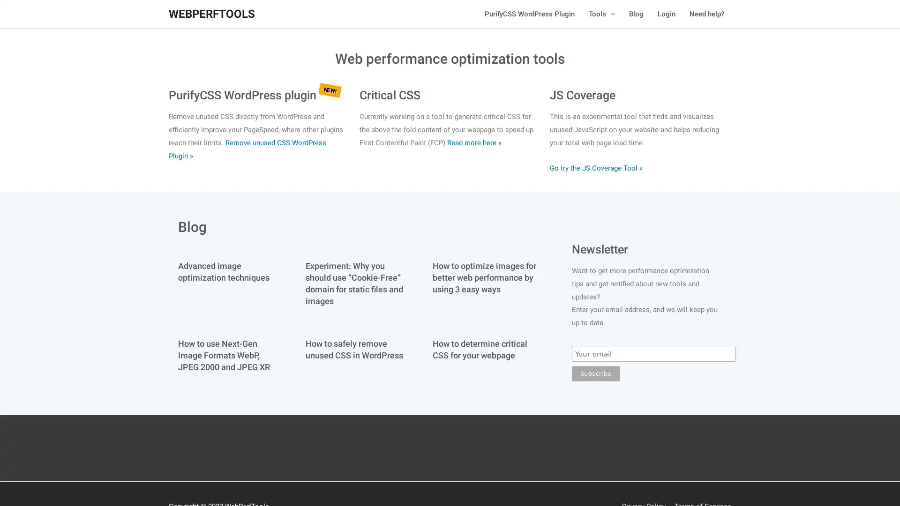 The height and width of the screenshot is (506, 900). Describe the element at coordinates (595, 373) in the screenshot. I see `Subscribe` at that location.